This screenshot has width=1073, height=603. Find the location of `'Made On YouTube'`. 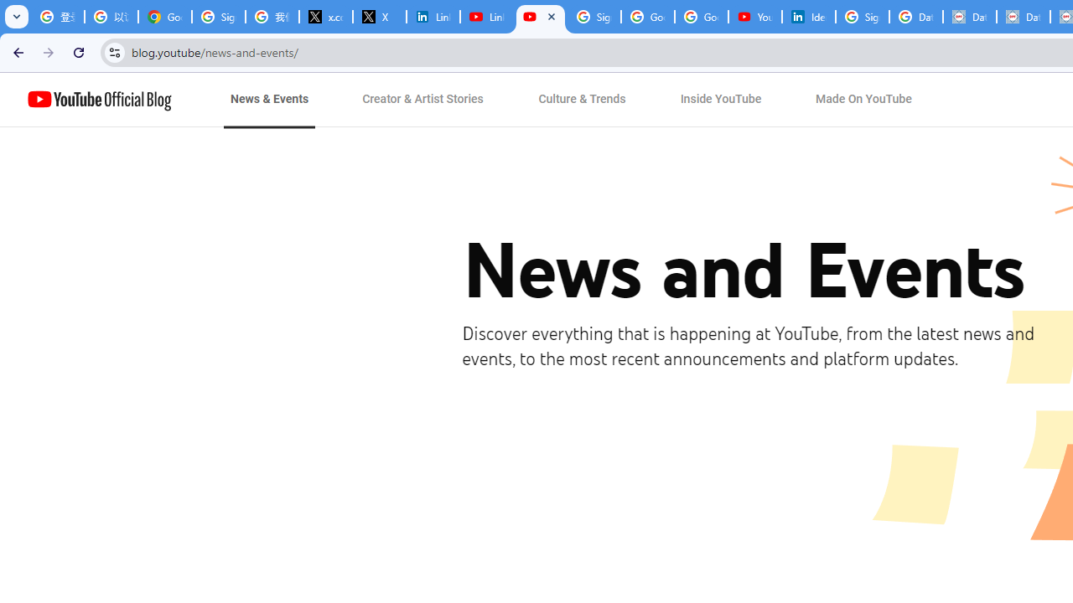

'Made On YouTube' is located at coordinates (863, 100).